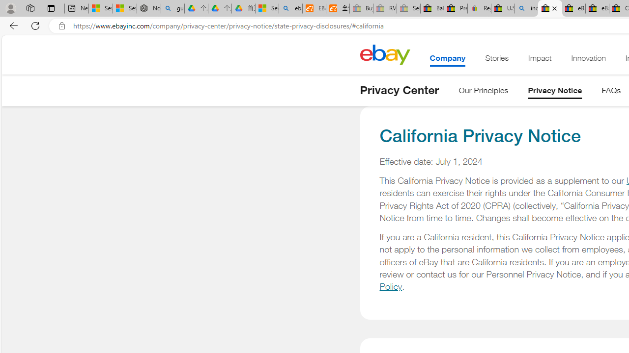 This screenshot has width=629, height=353. I want to click on 'New tab', so click(76, 8).